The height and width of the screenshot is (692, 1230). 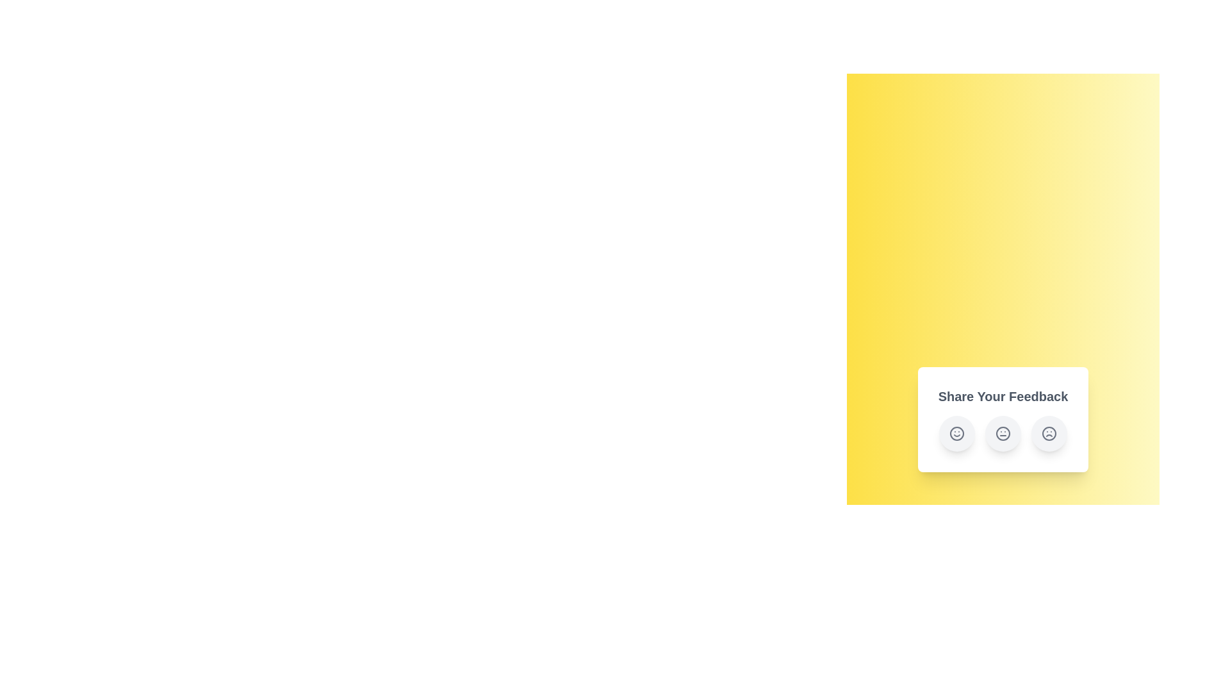 What do you see at coordinates (956, 433) in the screenshot?
I see `the button with the label Happy` at bounding box center [956, 433].